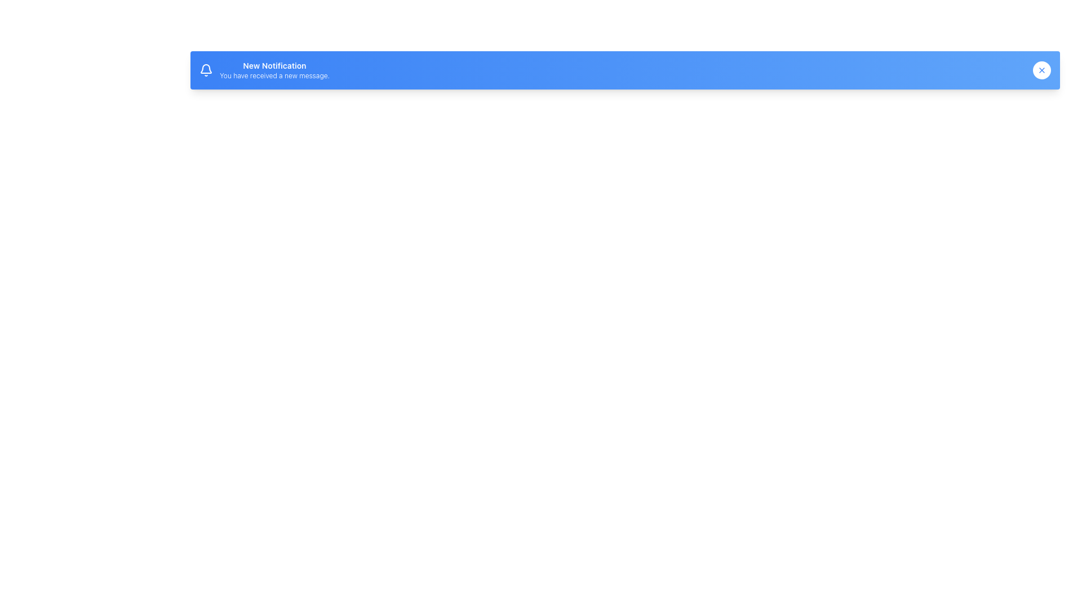  I want to click on the Notification banner located near the upper-left side of the interface, so click(264, 70).